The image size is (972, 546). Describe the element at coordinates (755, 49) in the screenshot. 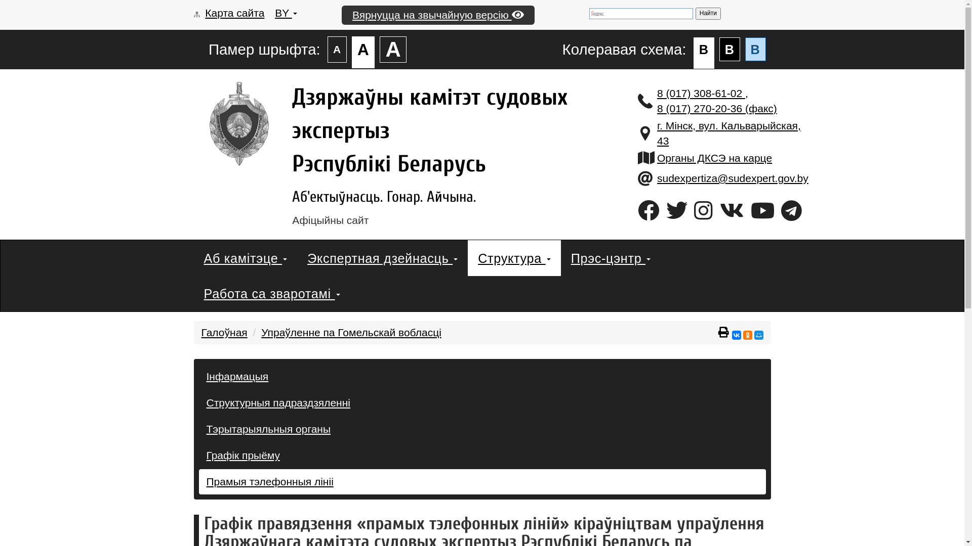

I see `'B'` at that location.